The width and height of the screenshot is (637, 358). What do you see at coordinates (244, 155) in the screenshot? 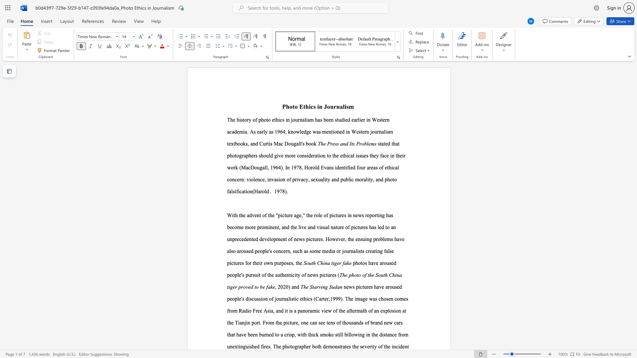
I see `the 3th character "a" in the text` at bounding box center [244, 155].